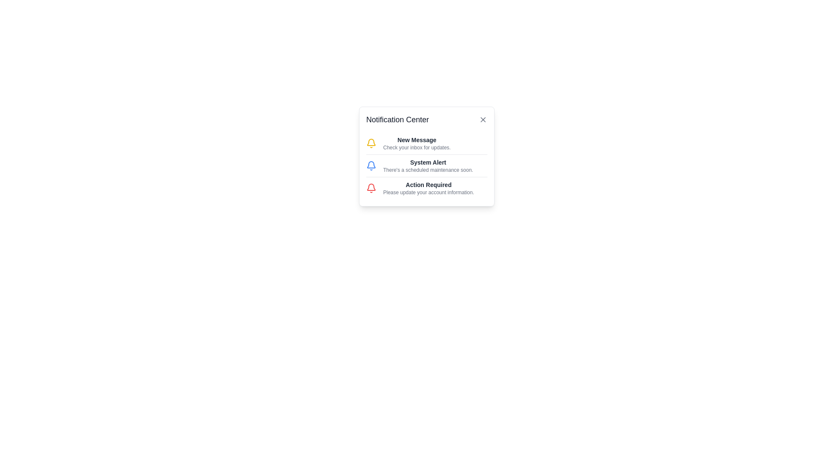  What do you see at coordinates (429, 193) in the screenshot?
I see `the static text element that reads 'Please update your account information.' which is located below the heading 'Action Required' in the notification card` at bounding box center [429, 193].